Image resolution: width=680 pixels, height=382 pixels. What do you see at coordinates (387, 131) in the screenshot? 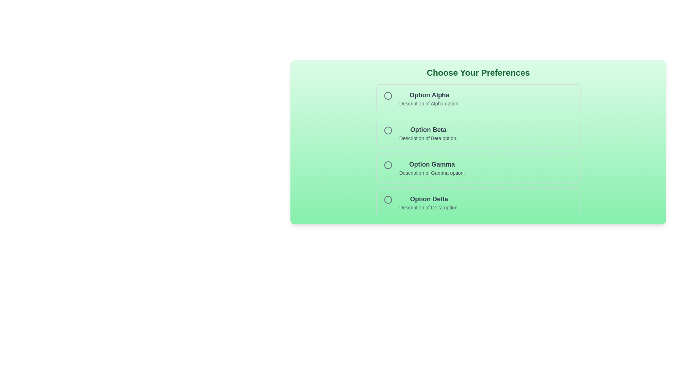
I see `the second radio button in the vertical list, positioned to the left of the text 'Option Beta' and 'Description of Beta option'` at bounding box center [387, 131].